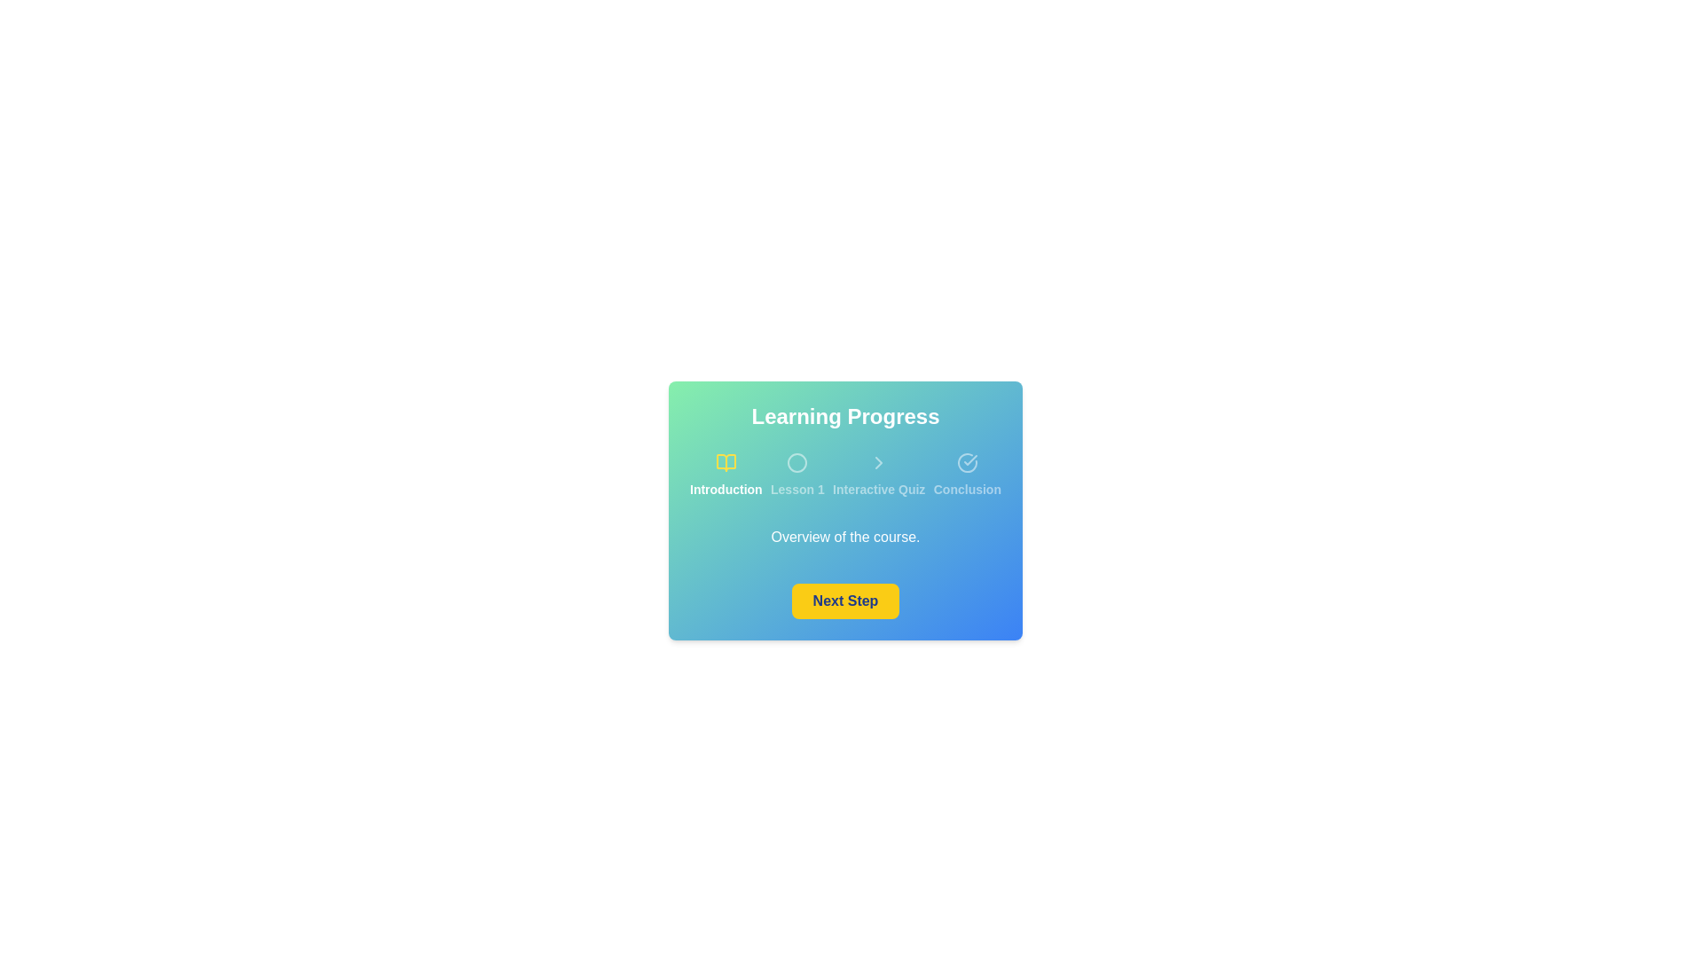 The image size is (1703, 958). What do you see at coordinates (726, 475) in the screenshot?
I see `the 'Introduction' step indicator icon or label text in the progress navigation` at bounding box center [726, 475].